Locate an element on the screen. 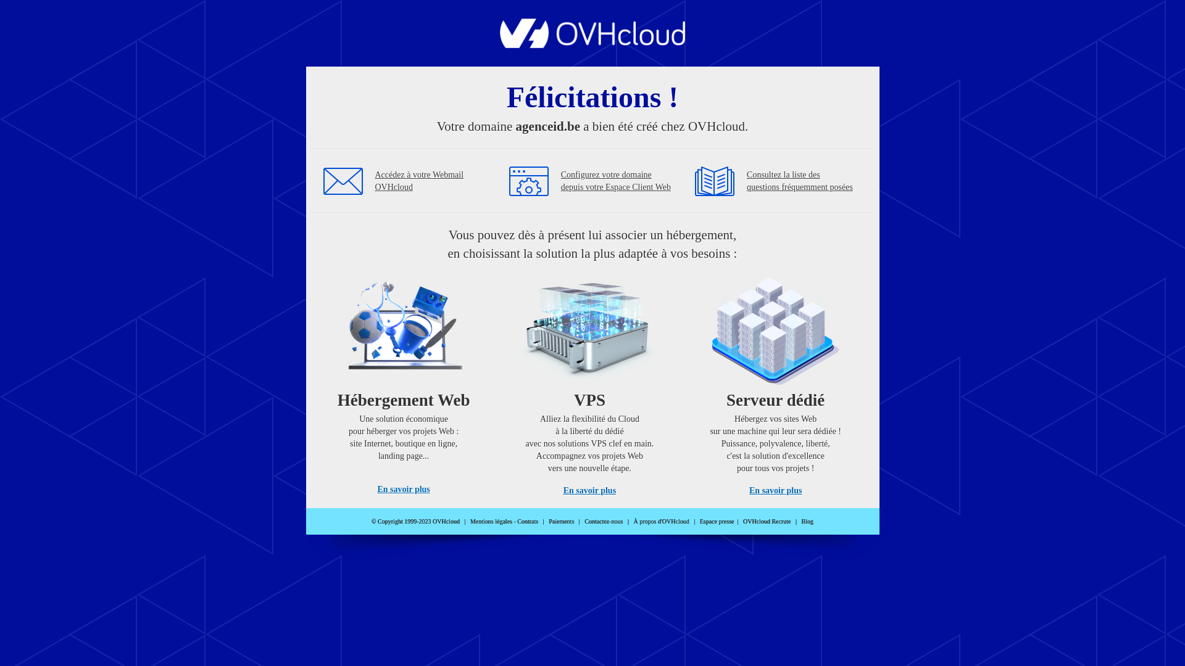 Image resolution: width=1185 pixels, height=666 pixels. 'En savoir plus' is located at coordinates (775, 490).